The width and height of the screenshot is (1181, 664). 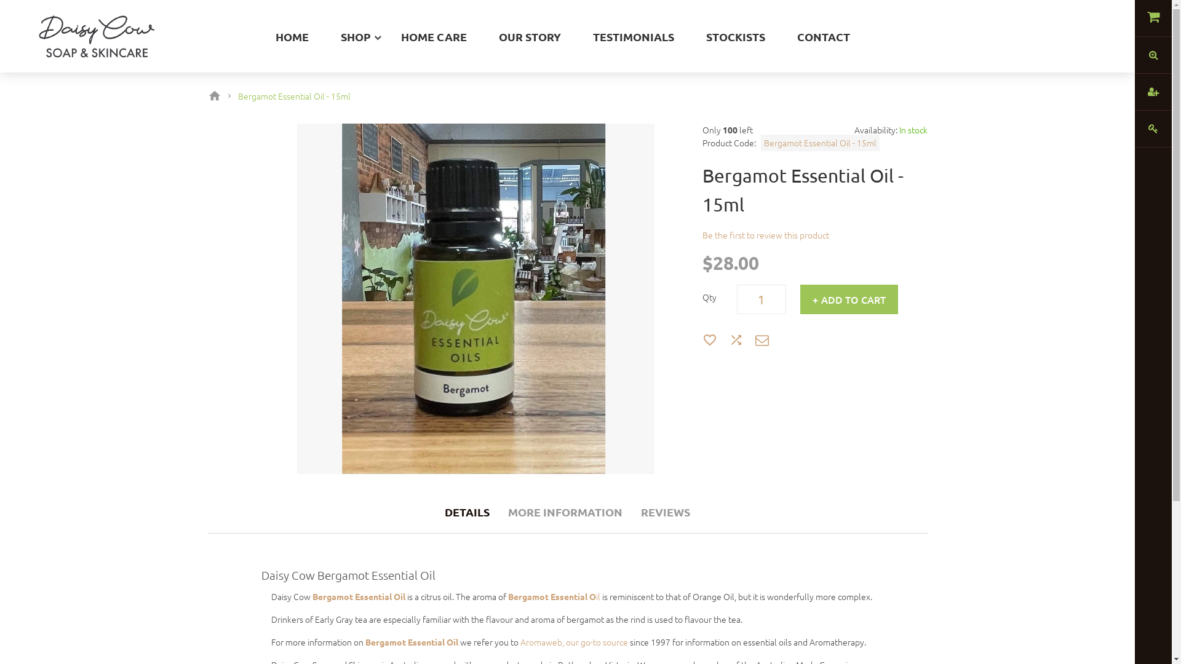 What do you see at coordinates (38, 17) in the screenshot?
I see `'Daisy Cow'` at bounding box center [38, 17].